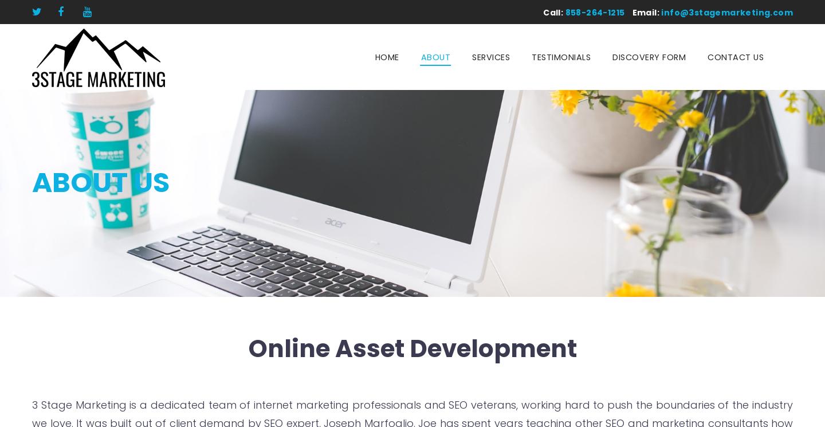  I want to click on 'Testimonials', so click(560, 57).